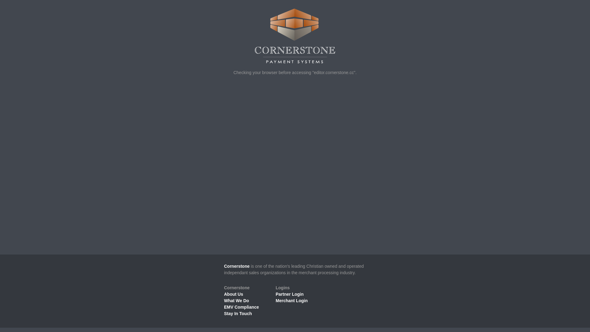  Describe the element at coordinates (233, 294) in the screenshot. I see `'About Us'` at that location.